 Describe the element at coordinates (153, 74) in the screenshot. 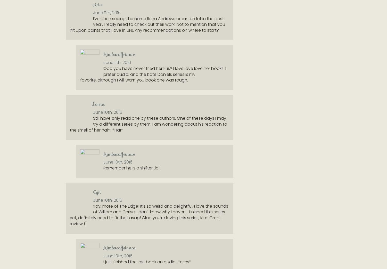

I see `'Ooo you have never tried her Kris? I love love love her books. I prefer audio, and the Kate Daniels series is my favorite..although I will warn you book one was rough.'` at that location.